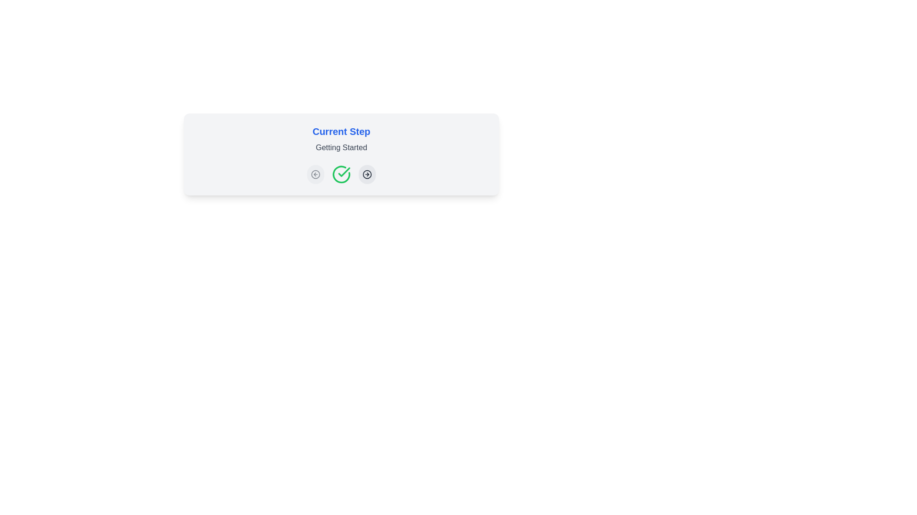  What do you see at coordinates (316, 175) in the screenshot?
I see `the backward navigation button located on the left-most side of its group` at bounding box center [316, 175].